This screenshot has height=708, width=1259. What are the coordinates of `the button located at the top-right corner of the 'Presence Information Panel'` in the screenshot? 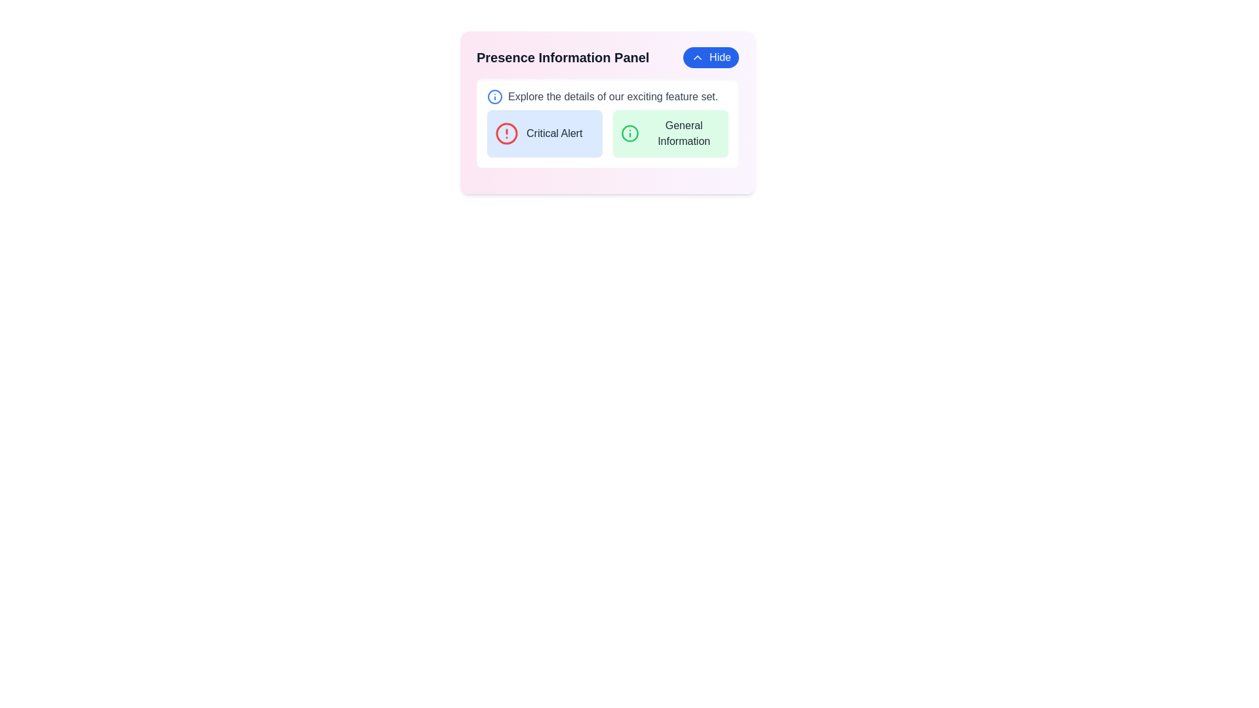 It's located at (710, 57).